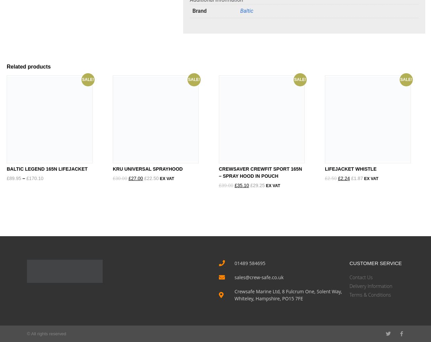 The width and height of the screenshot is (431, 342). What do you see at coordinates (29, 177) in the screenshot?
I see `'170.10'` at bounding box center [29, 177].